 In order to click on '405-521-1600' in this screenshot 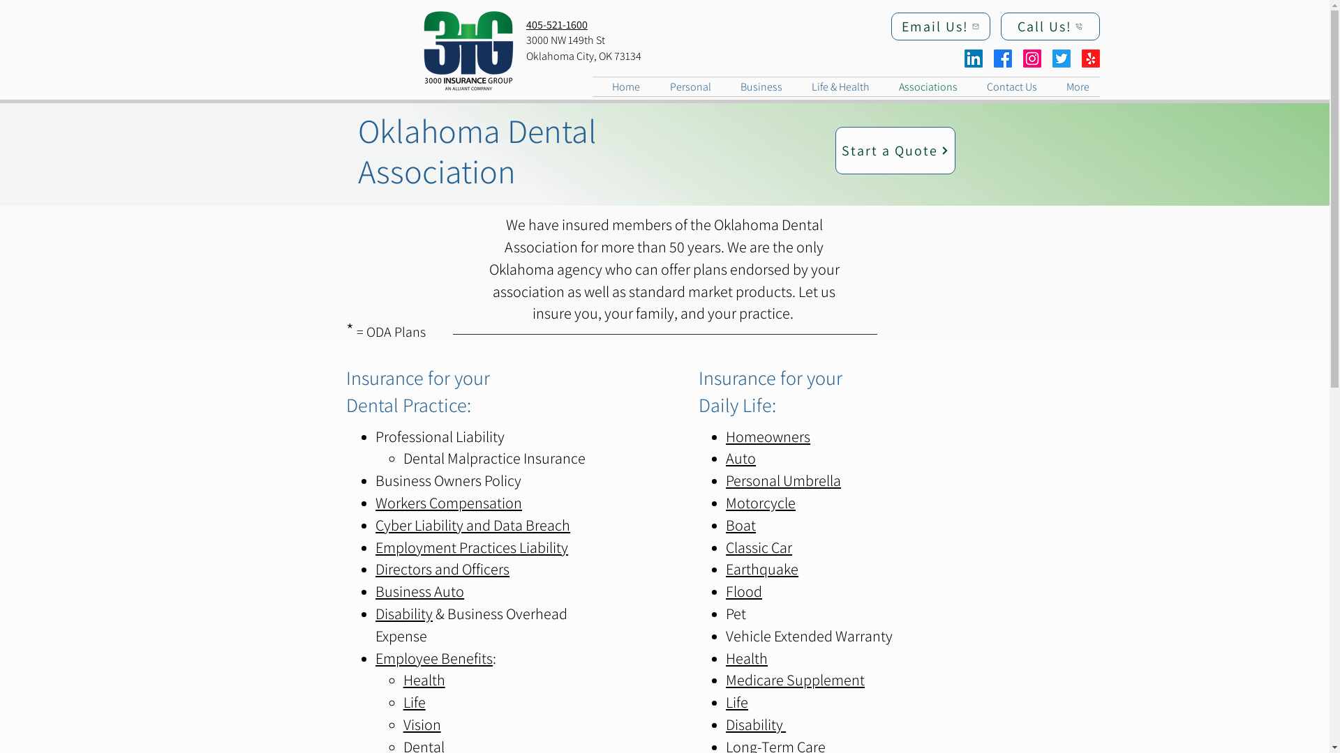, I will do `click(556, 24)`.